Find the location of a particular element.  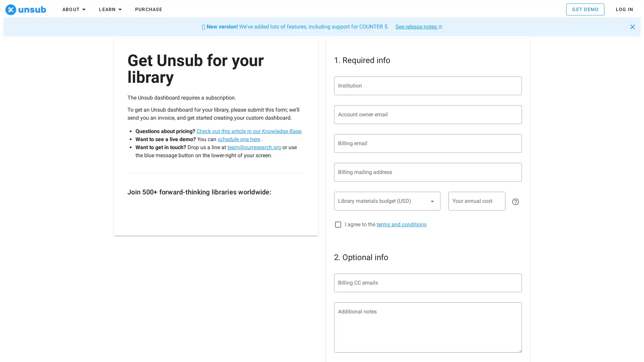

LEARN is located at coordinates (111, 10).